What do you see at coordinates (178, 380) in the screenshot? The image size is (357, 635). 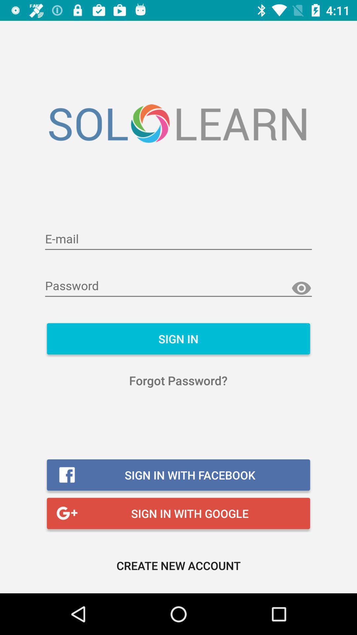 I see `item above the sign in with` at bounding box center [178, 380].